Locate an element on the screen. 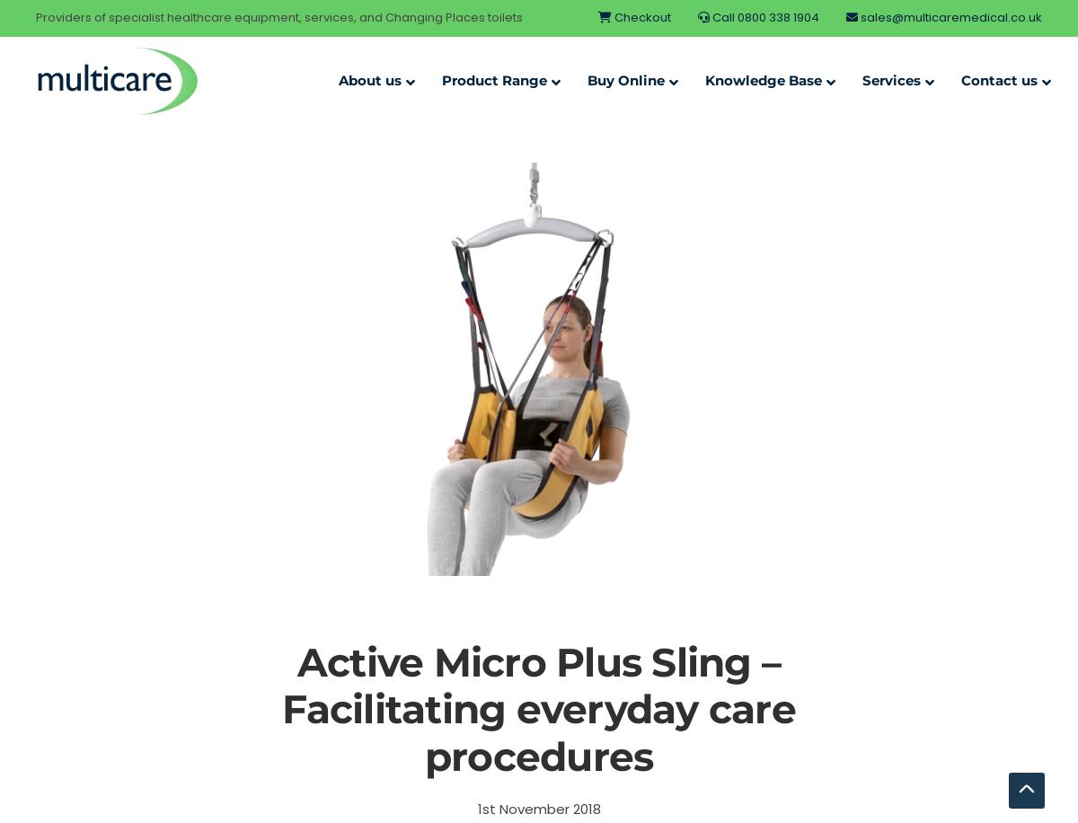 This screenshot has width=1078, height=823. '024 7647 2600' is located at coordinates (940, 273).